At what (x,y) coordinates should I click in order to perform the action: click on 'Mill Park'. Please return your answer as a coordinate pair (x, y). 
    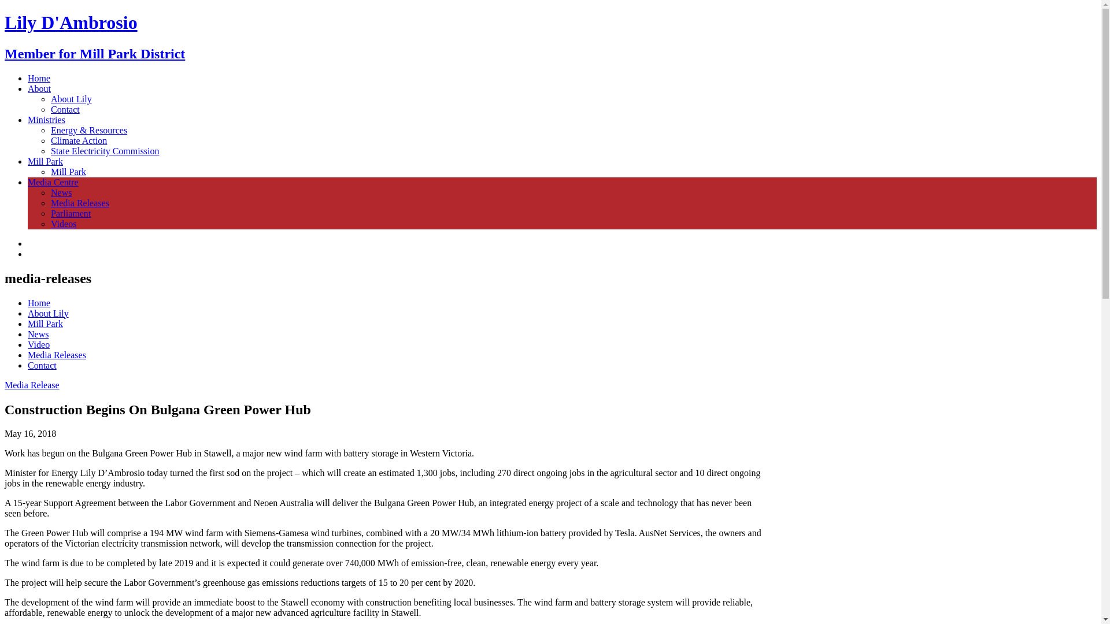
    Looking at the image, I should click on (45, 324).